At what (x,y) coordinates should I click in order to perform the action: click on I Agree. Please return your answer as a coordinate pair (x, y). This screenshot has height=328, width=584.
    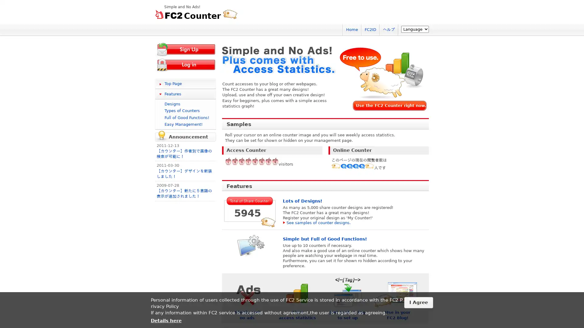
    Looking at the image, I should click on (418, 302).